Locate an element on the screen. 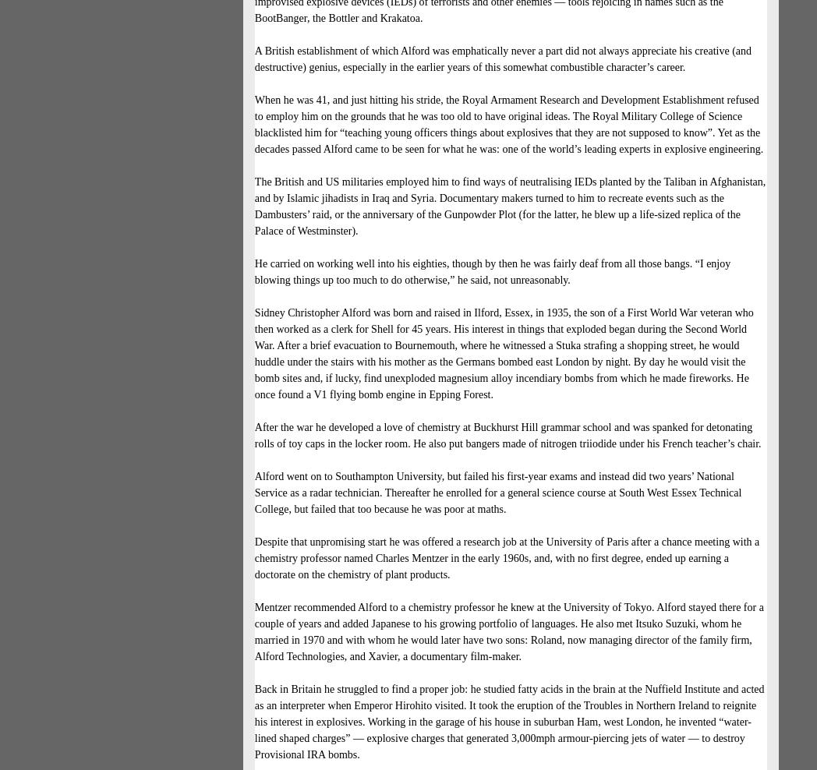  'After the war he developed a love of
chemistry at Buckhurst Hill grammar school and was spanked for detonating rolls of toy caps in the locker room. He also put bangers made of nitrogen triiodide under his French teacher’s chair.' is located at coordinates (507, 436).